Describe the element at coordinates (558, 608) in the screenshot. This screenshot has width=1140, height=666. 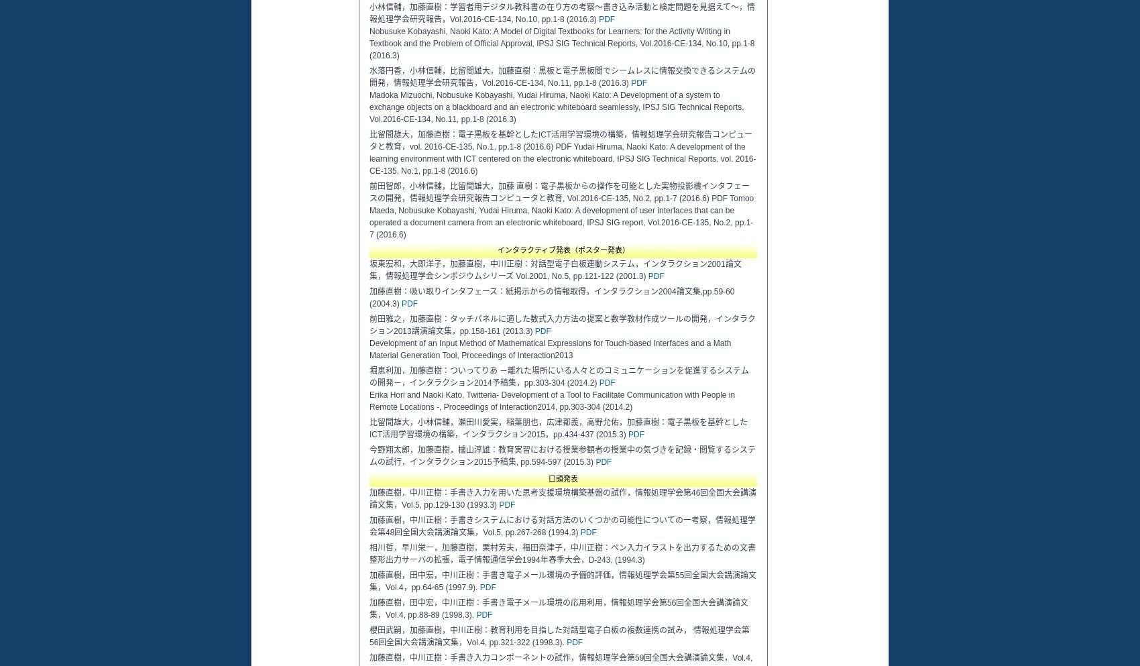
I see `'加藤直樹，田中宏，中川正樹：手書き電子メール環境の応用利用，情報処理学会第56回全国大会講演論文集，Vol.4, pp.88-89 (1998.3).'` at that location.